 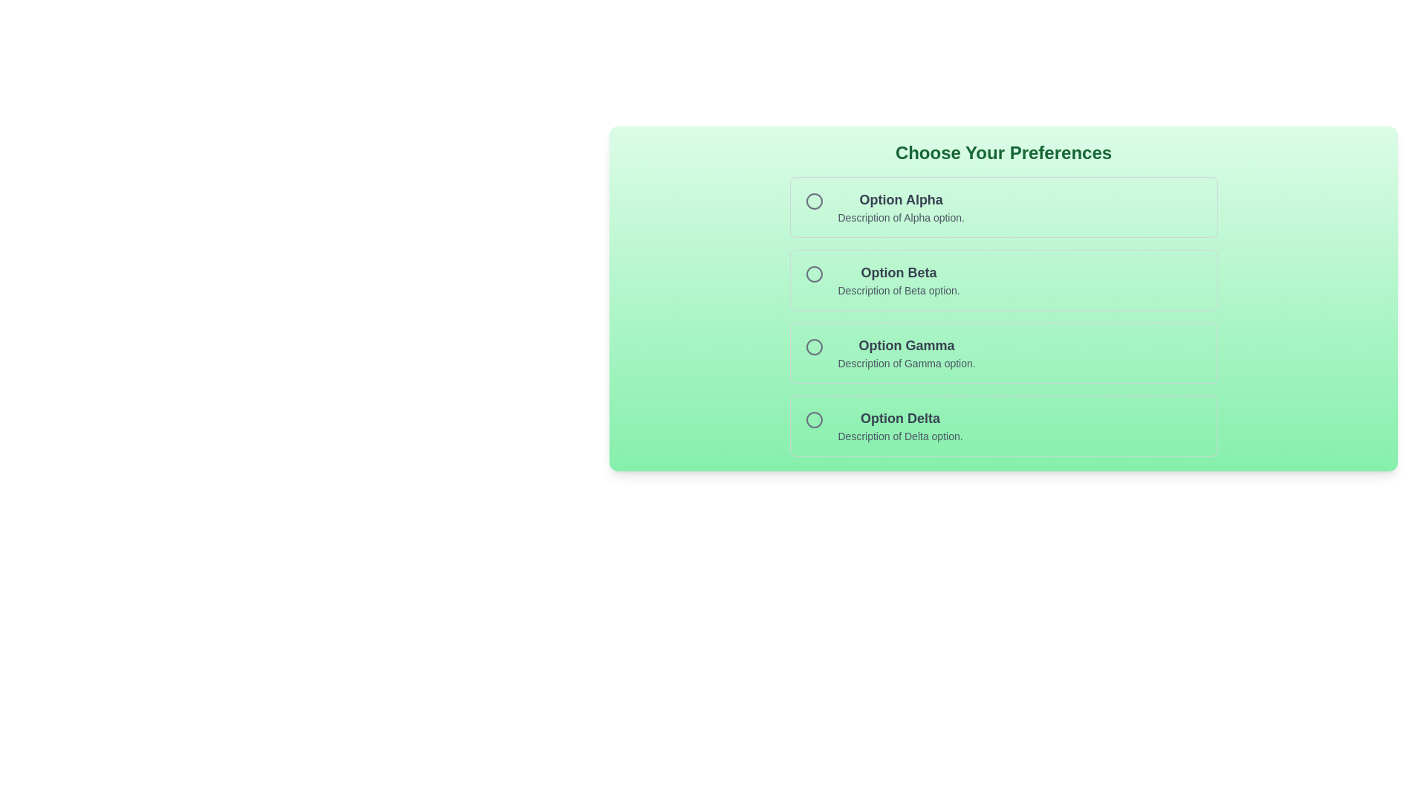 I want to click on the text block titled 'Option Delta' which is styled with bold text and a green background, located at the bottom of the fourth option group in the vertically stacked list, so click(x=899, y=426).